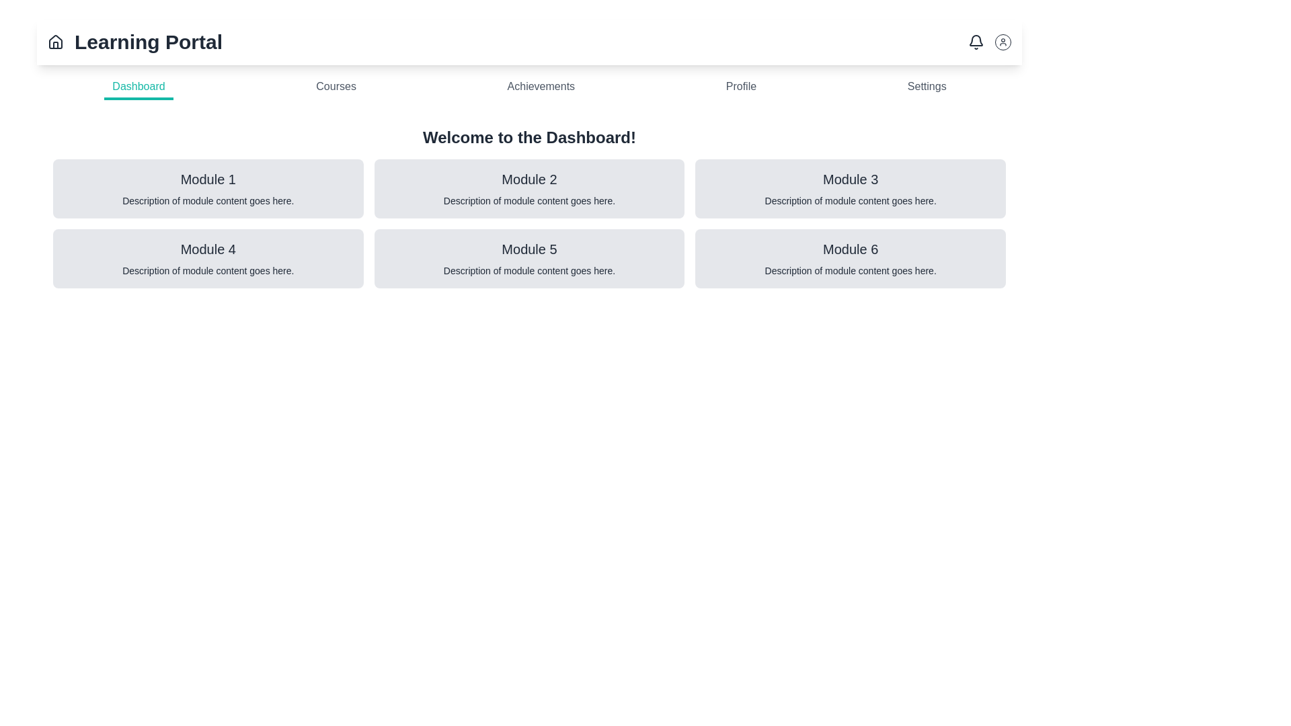  I want to click on the 'Module 4' card element, which is a rectangular box with rounded corners and a light gray background, featuring the text 'Module 4' at the top center, so click(207, 259).